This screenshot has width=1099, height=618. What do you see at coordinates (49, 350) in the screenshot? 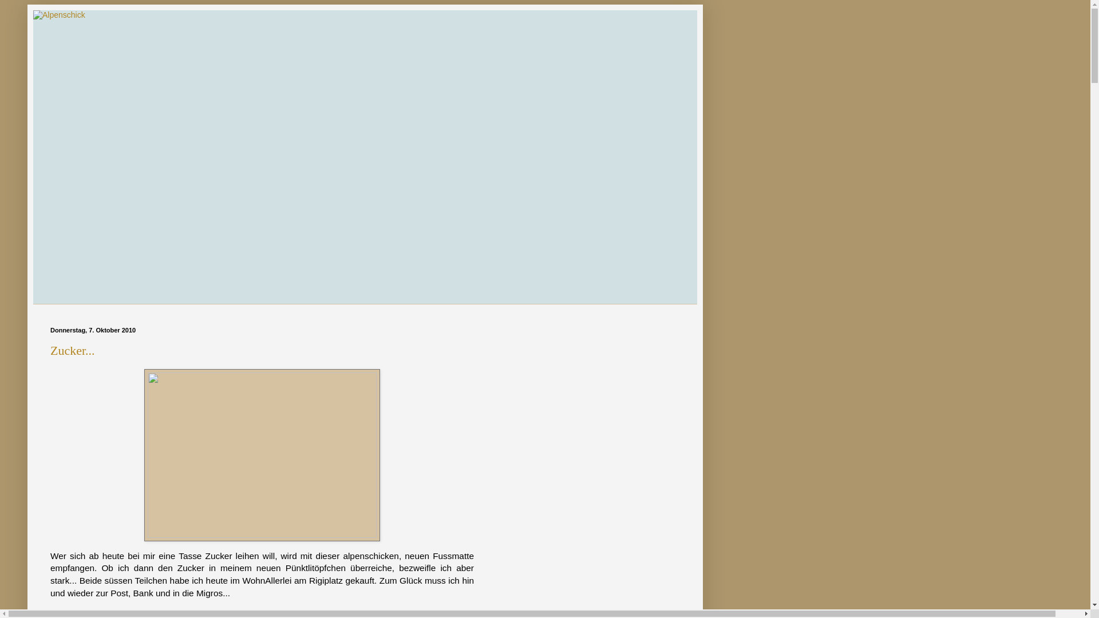
I see `'Zucker...'` at bounding box center [49, 350].